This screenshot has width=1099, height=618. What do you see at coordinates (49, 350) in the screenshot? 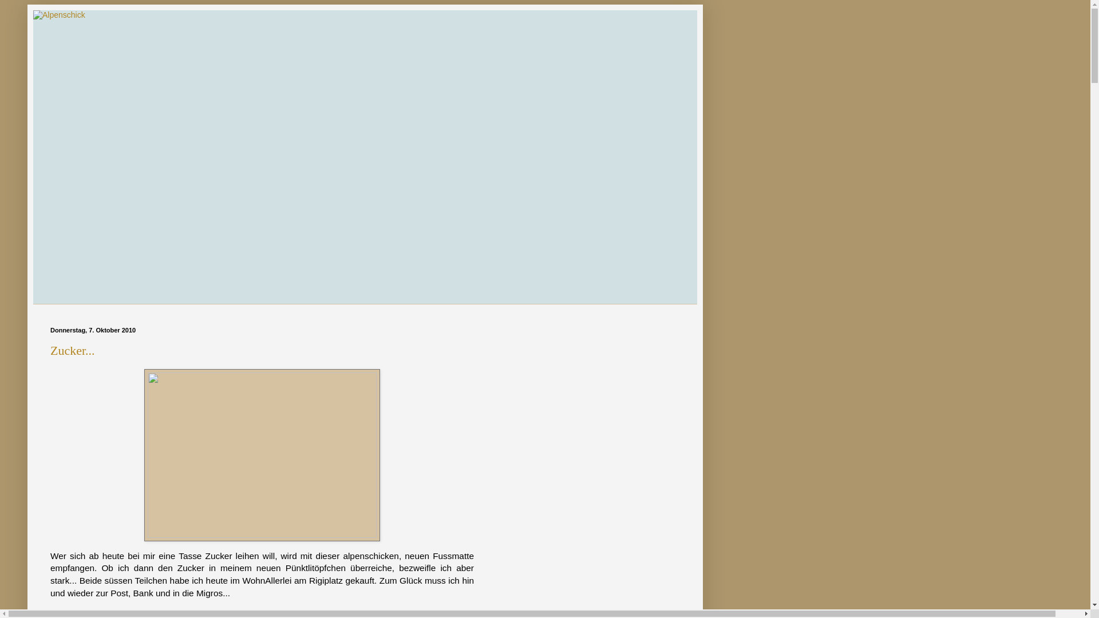
I see `'Zucker...'` at bounding box center [49, 350].